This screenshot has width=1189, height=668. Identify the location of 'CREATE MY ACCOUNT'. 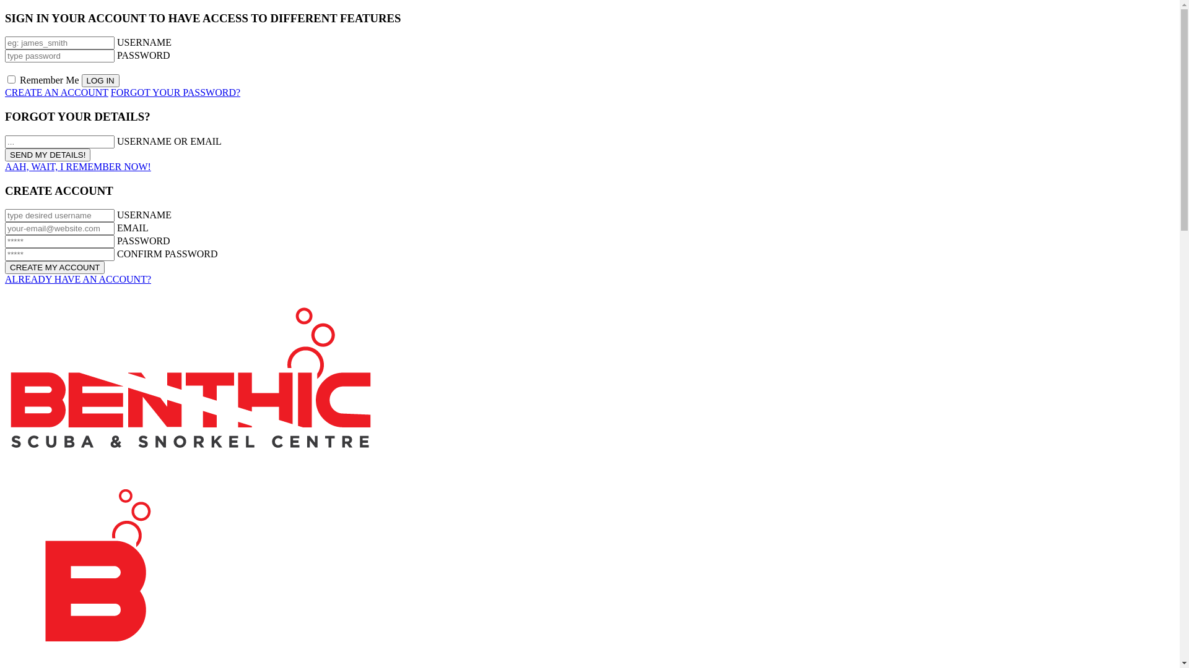
(54, 267).